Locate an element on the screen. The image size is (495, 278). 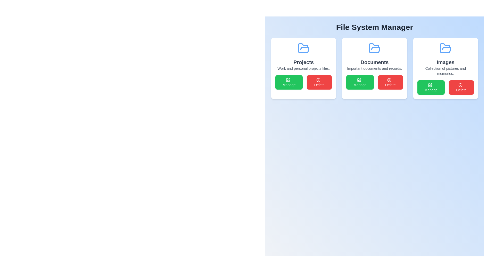
the text label that reads 'Work and personal projects files.' located in the 'Projects' section card, positioned below the title 'Projects' and above the buttons 'Manage' and 'Delete' is located at coordinates (303, 68).